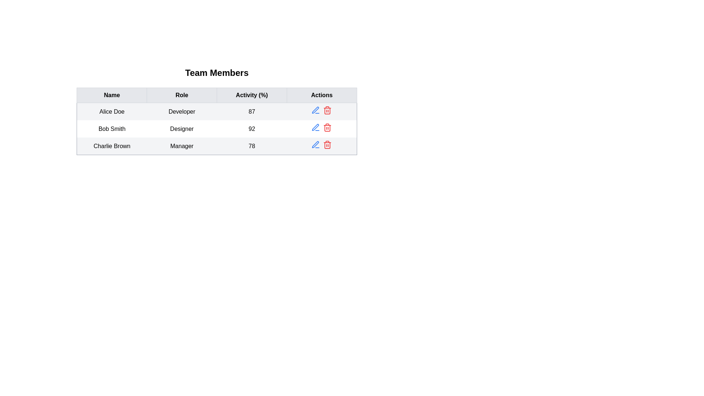 The image size is (704, 396). What do you see at coordinates (316, 110) in the screenshot?
I see `edit icon for the team member with name Alice Doe` at bounding box center [316, 110].